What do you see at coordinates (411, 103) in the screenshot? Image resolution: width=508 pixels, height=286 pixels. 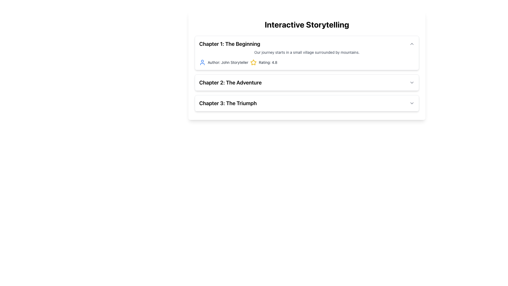 I see `the chevron icon located at the far right of the header section labeled 'Chapter 3: The Triumph'` at bounding box center [411, 103].